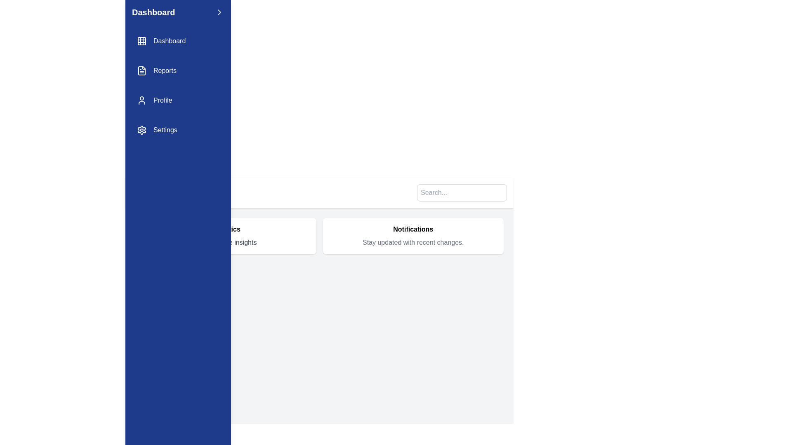 The width and height of the screenshot is (792, 445). Describe the element at coordinates (413, 229) in the screenshot. I see `the text label indicating 'Notifications', which serves as a title for the notifications section` at that location.